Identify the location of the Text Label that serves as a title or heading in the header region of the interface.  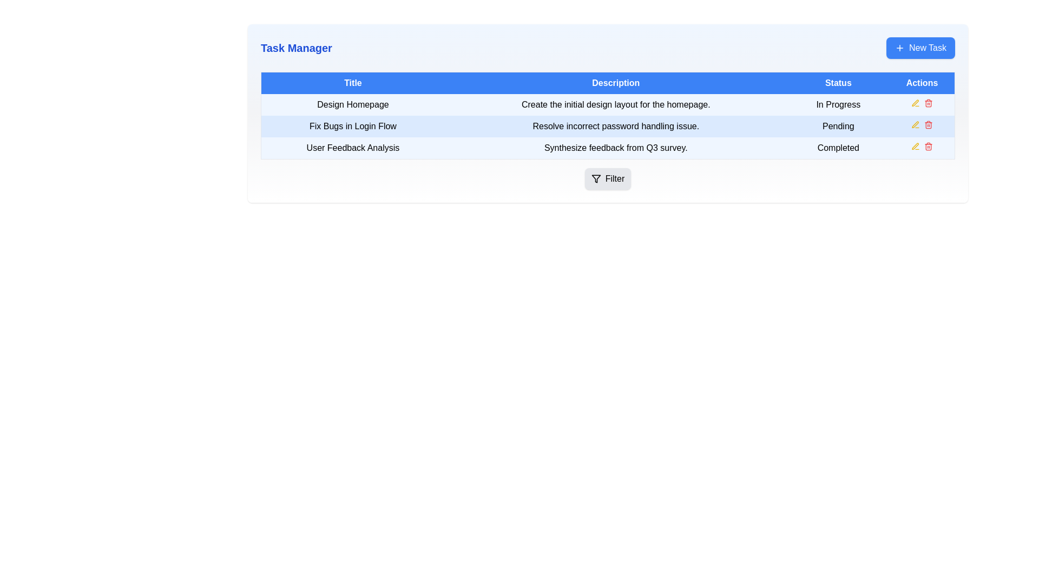
(296, 47).